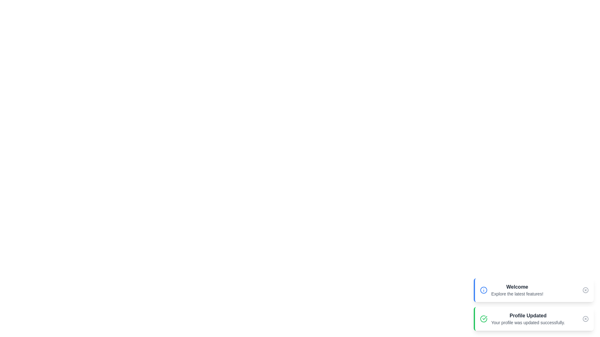 This screenshot has height=337, width=600. What do you see at coordinates (483, 290) in the screenshot?
I see `the icon representing the type of snackbar and describe its visual characteristics` at bounding box center [483, 290].